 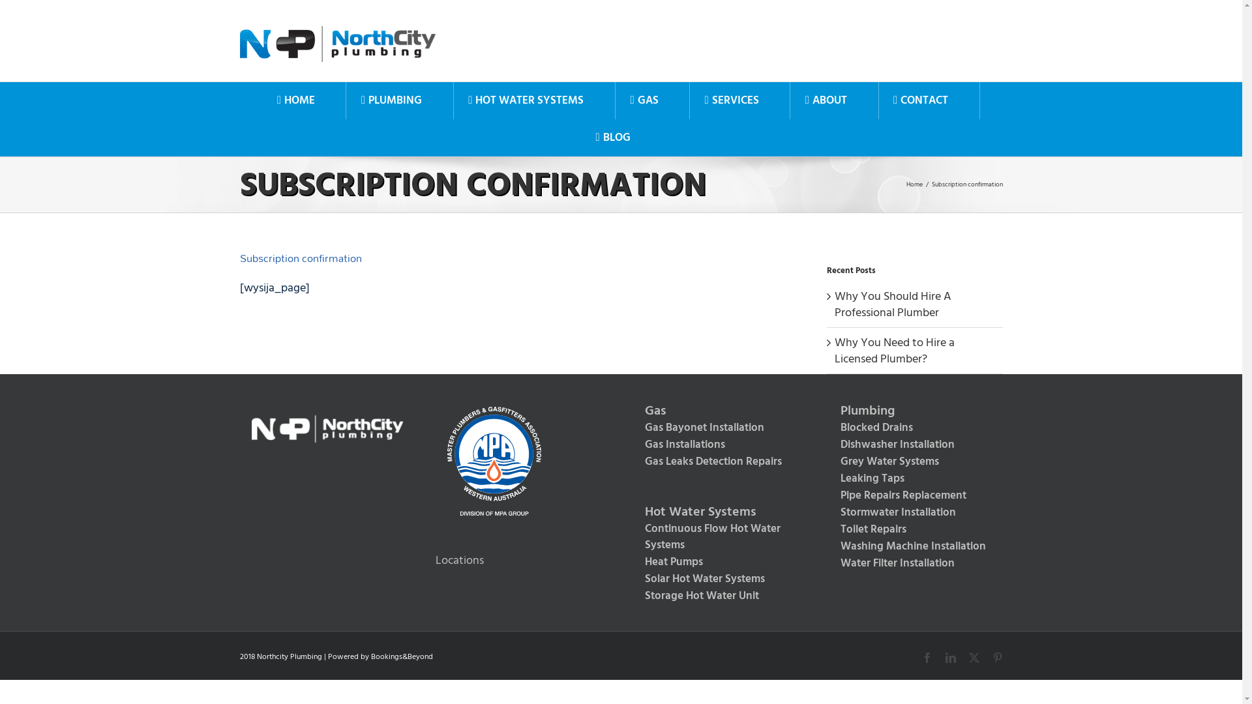 I want to click on 'Pipe Repairs Replacement', so click(x=914, y=495).